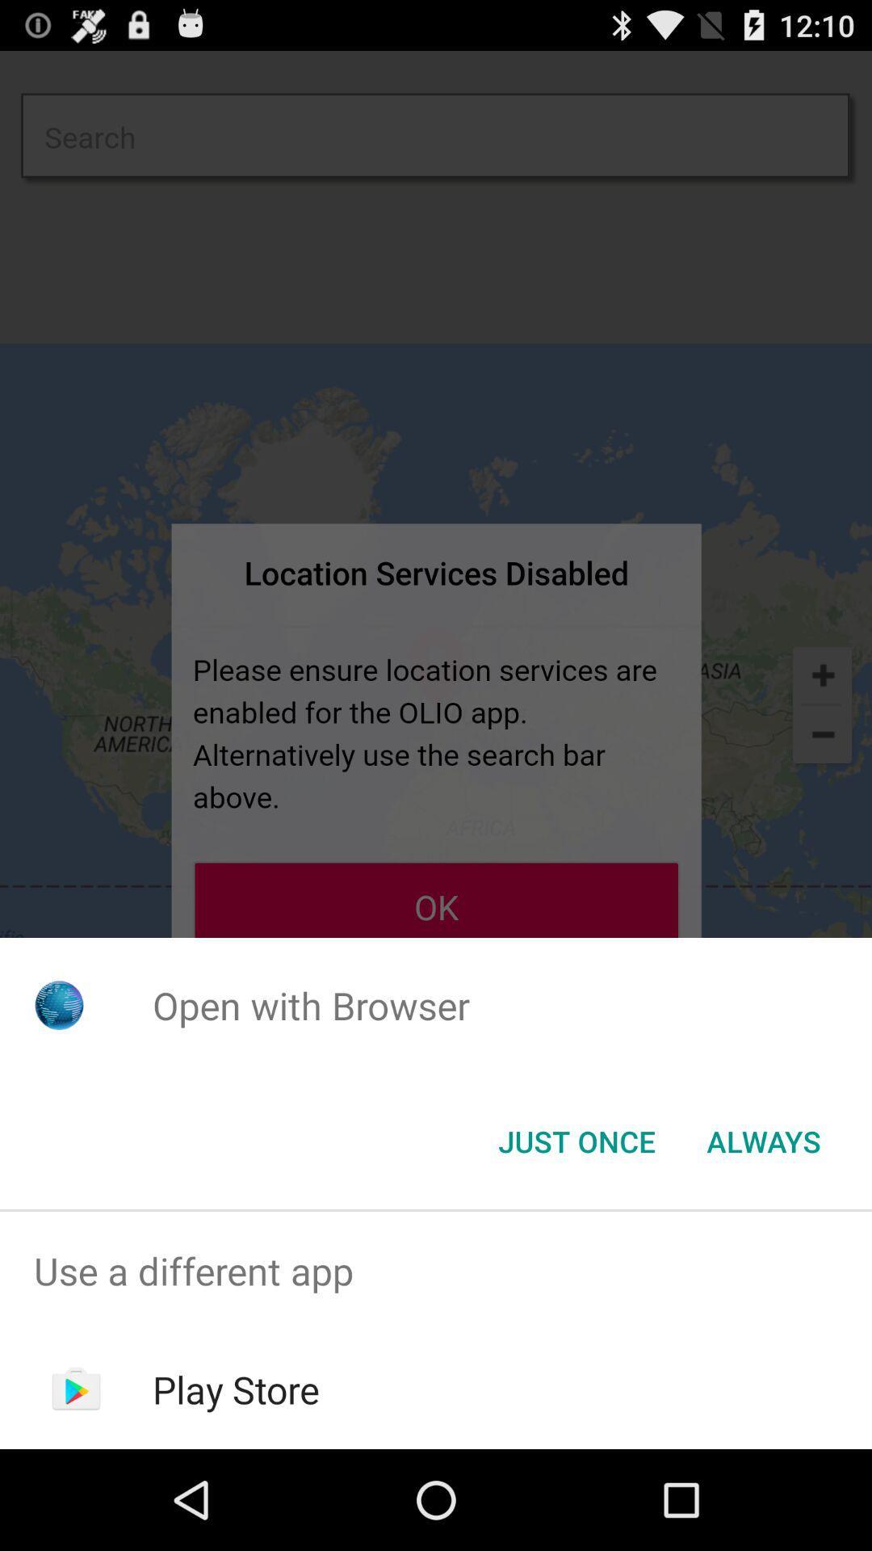 Image resolution: width=872 pixels, height=1551 pixels. Describe the element at coordinates (436, 1270) in the screenshot. I see `use a different item` at that location.